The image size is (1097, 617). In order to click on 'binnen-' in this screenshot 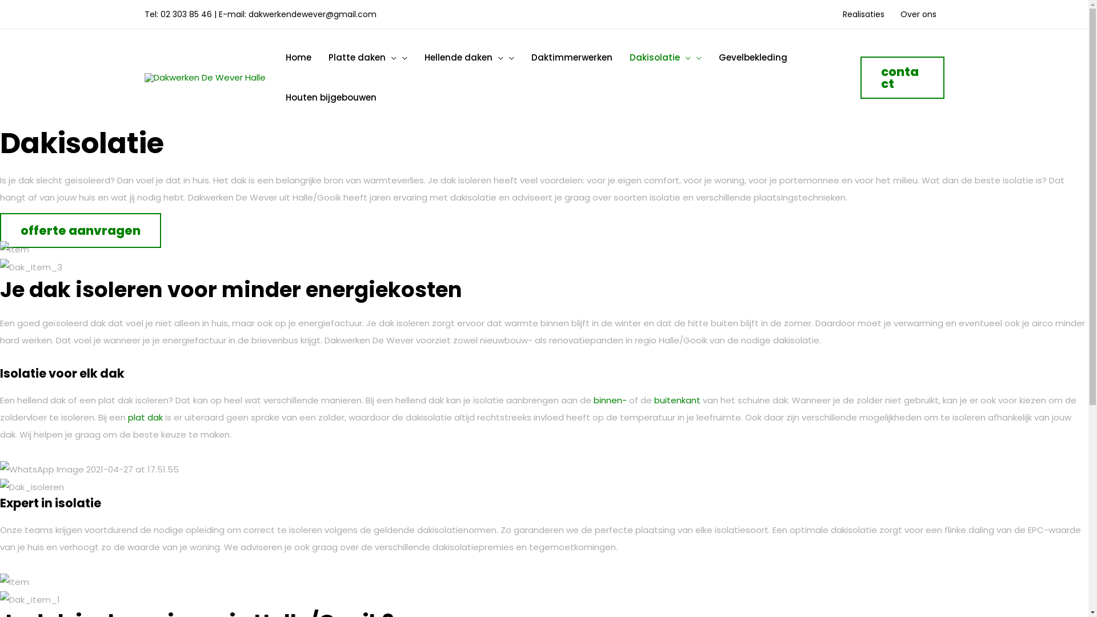, I will do `click(610, 399)`.